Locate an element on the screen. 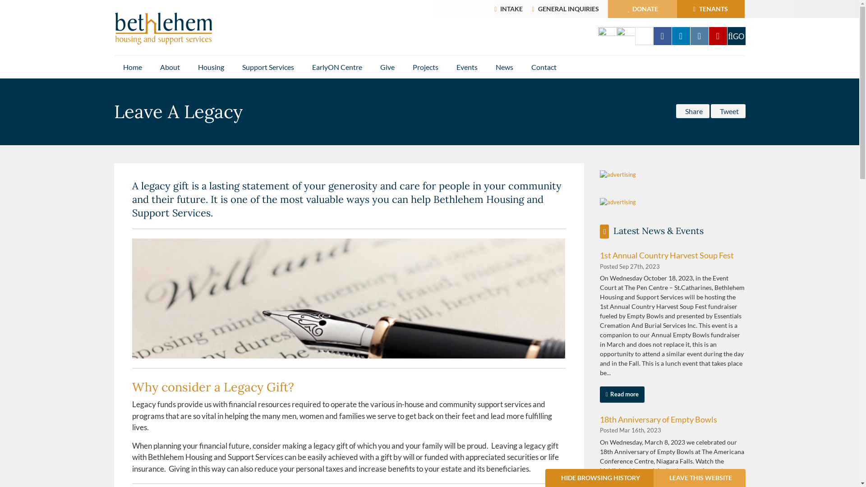 Image resolution: width=866 pixels, height=487 pixels. 'Give' is located at coordinates (387, 67).